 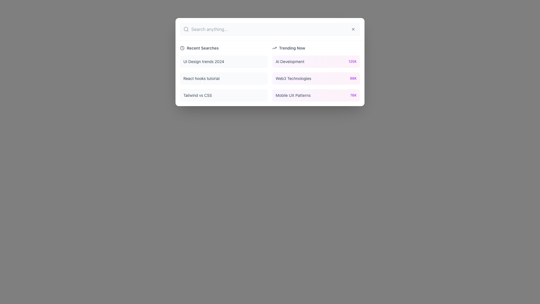 I want to click on keyboard navigation, so click(x=224, y=62).